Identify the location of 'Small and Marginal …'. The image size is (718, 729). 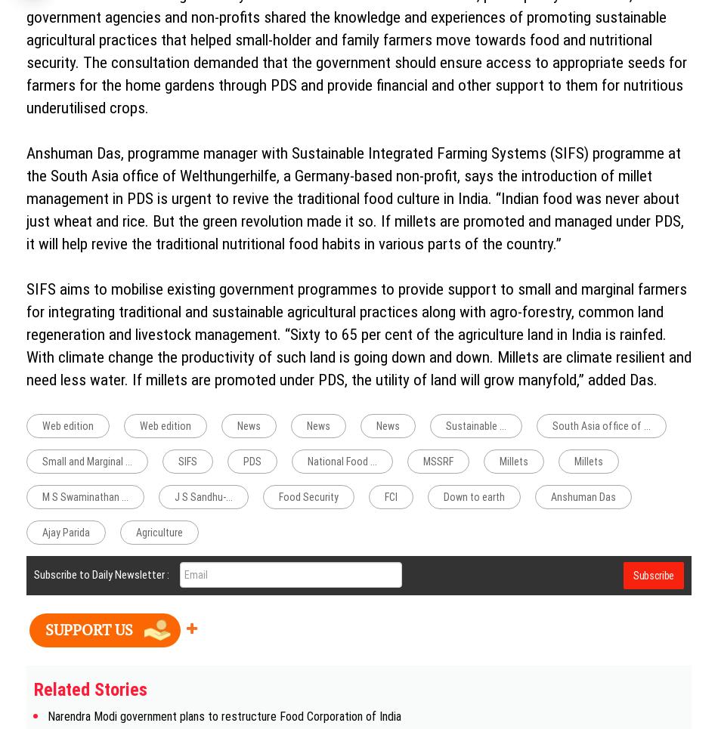
(42, 461).